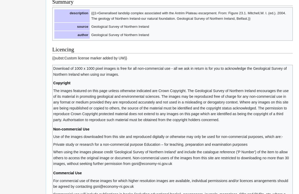  Describe the element at coordinates (170, 183) in the screenshot. I see `'For commercial use of these images for which higher resolution images are available, individual permissions and/or licences arrangements should be agreed by contacting gsni@economy-ni.gov.uk'` at that location.